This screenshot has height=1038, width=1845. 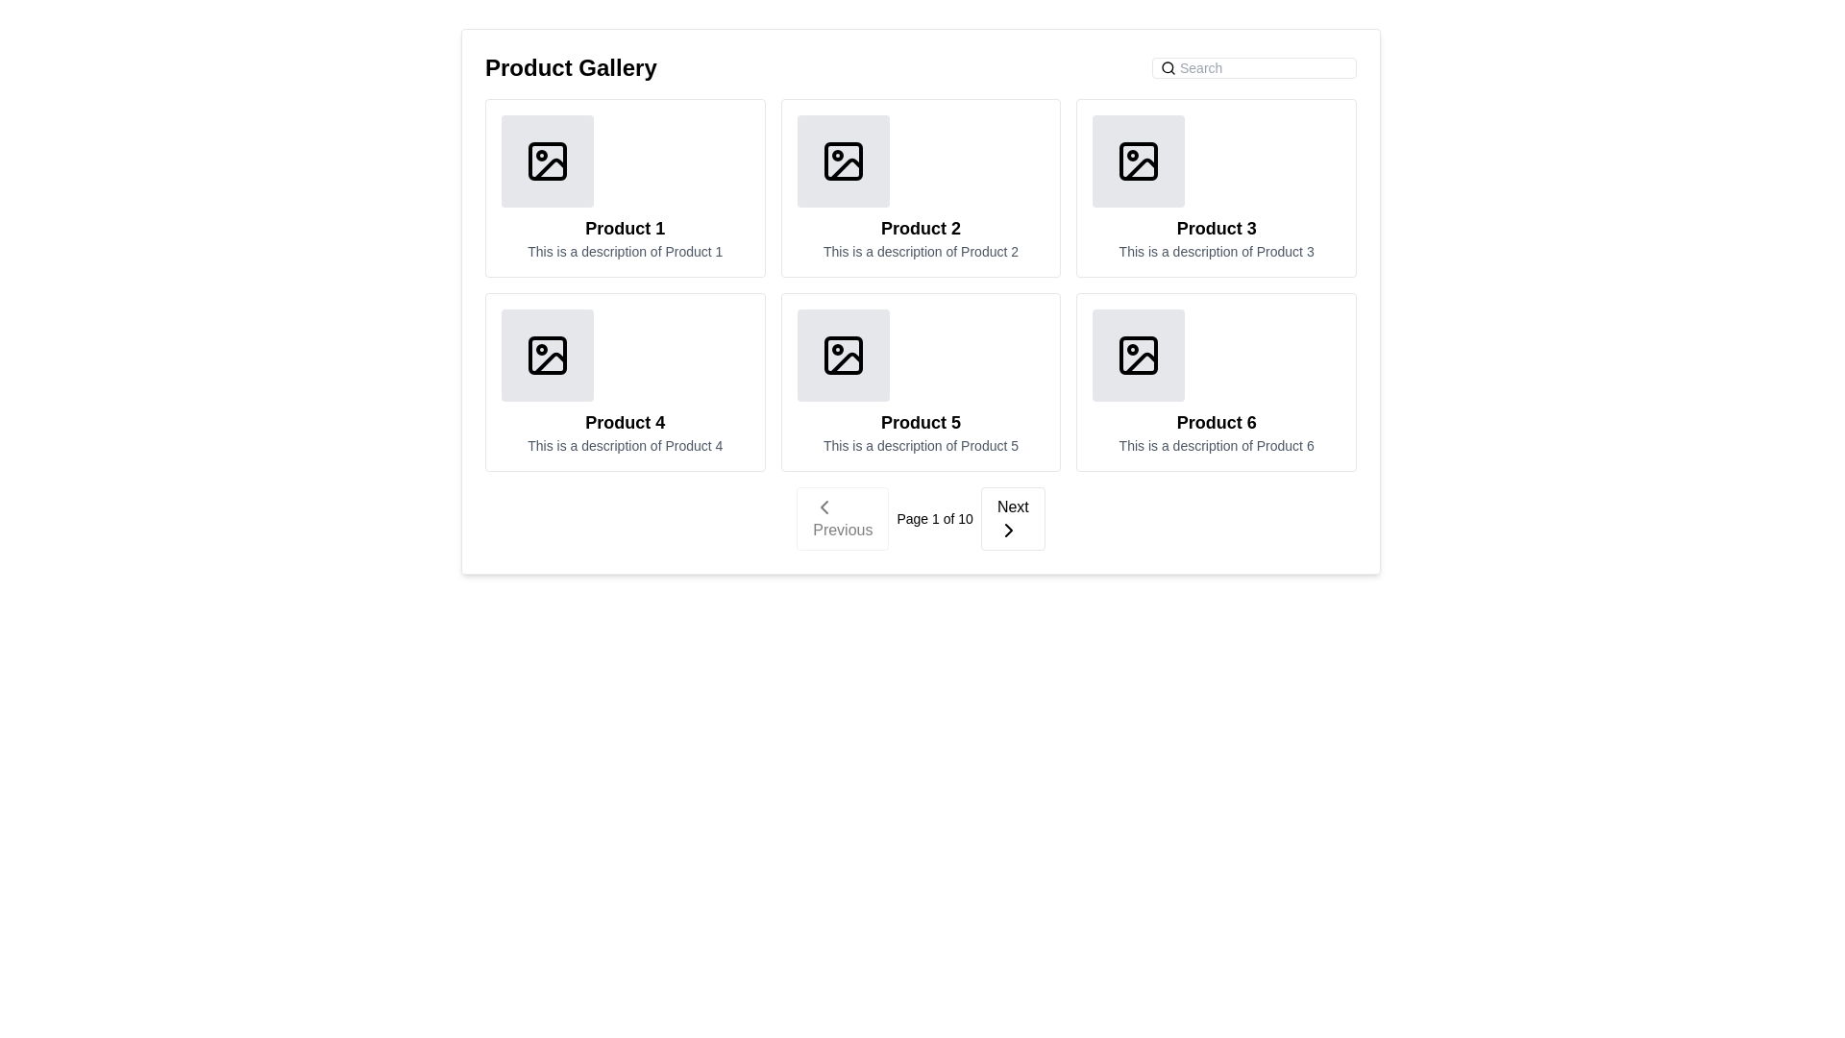 What do you see at coordinates (1167, 66) in the screenshot?
I see `the magnifying glass icon located to the left of the 'Search' input field in the upper toolbar area` at bounding box center [1167, 66].